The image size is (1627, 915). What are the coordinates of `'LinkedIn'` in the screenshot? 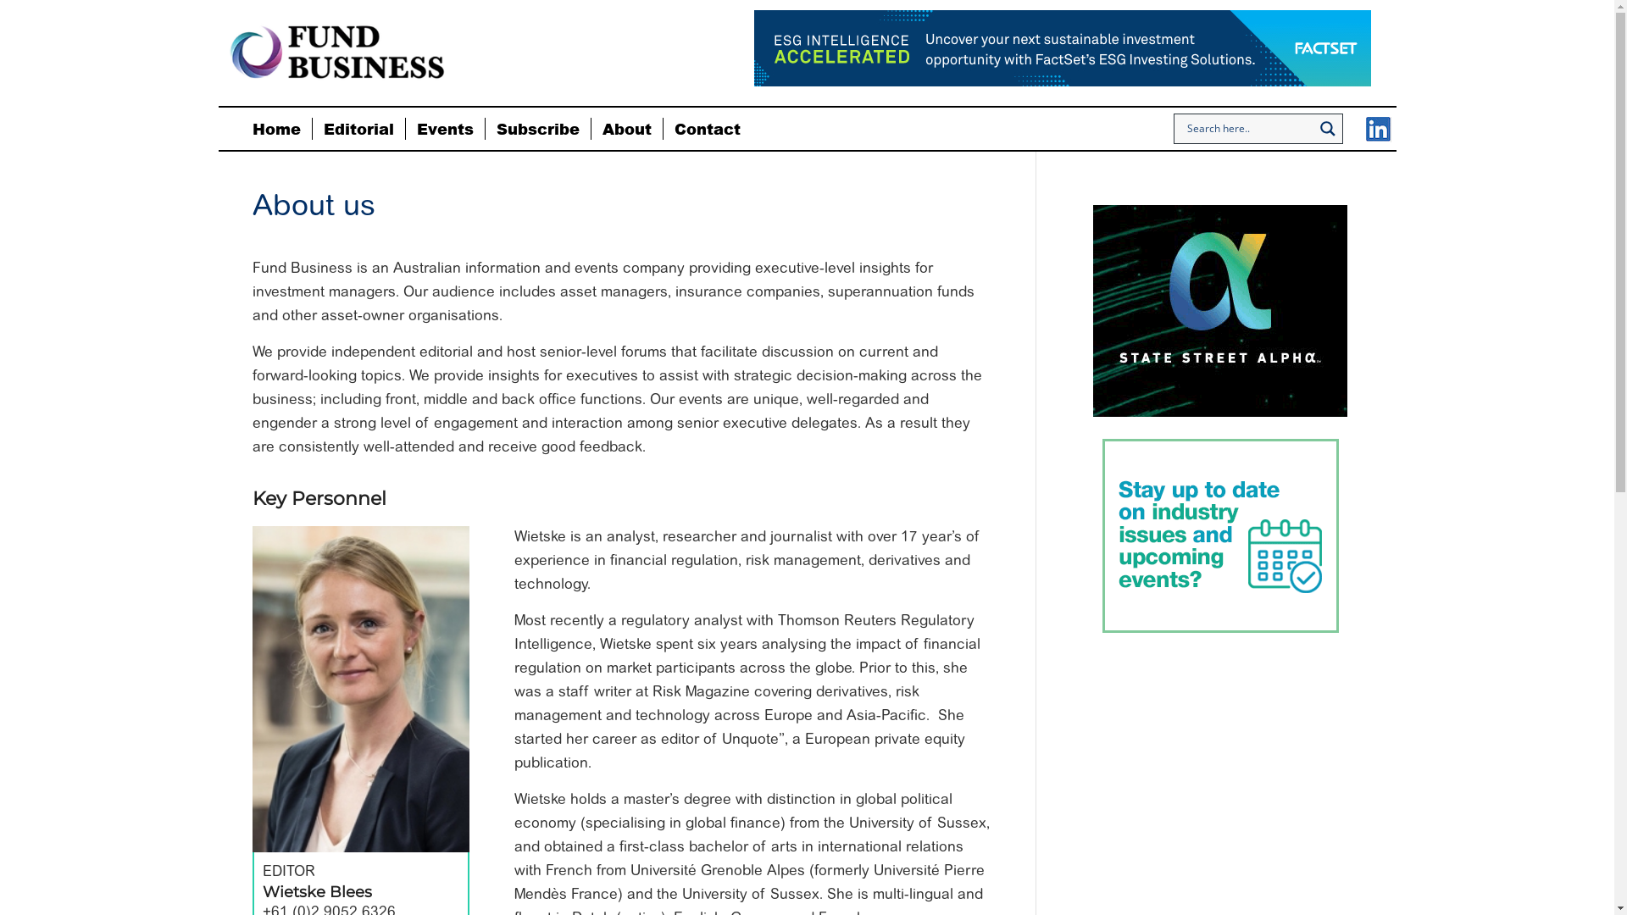 It's located at (1379, 129).